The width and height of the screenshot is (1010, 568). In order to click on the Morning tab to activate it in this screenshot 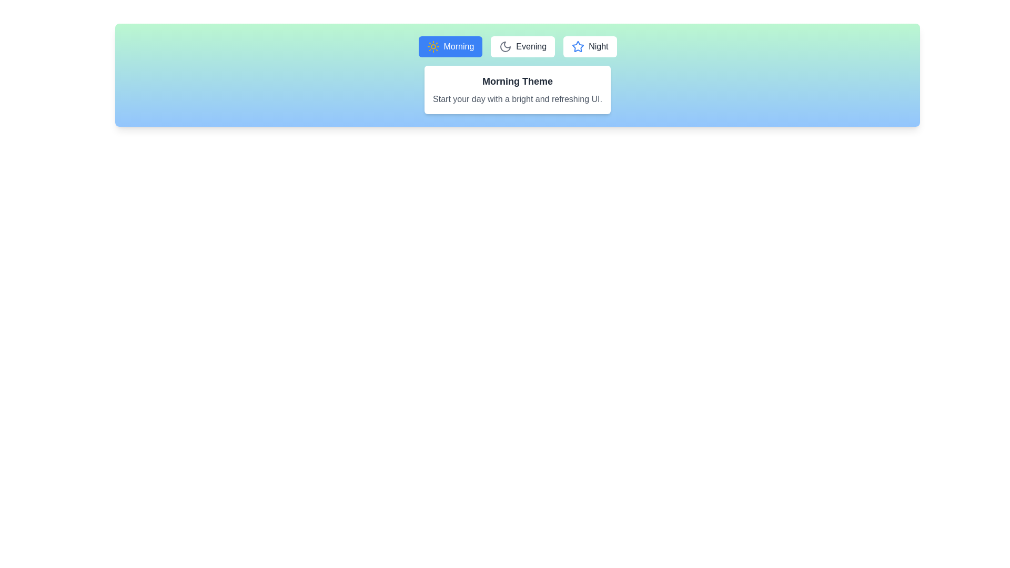, I will do `click(450, 46)`.